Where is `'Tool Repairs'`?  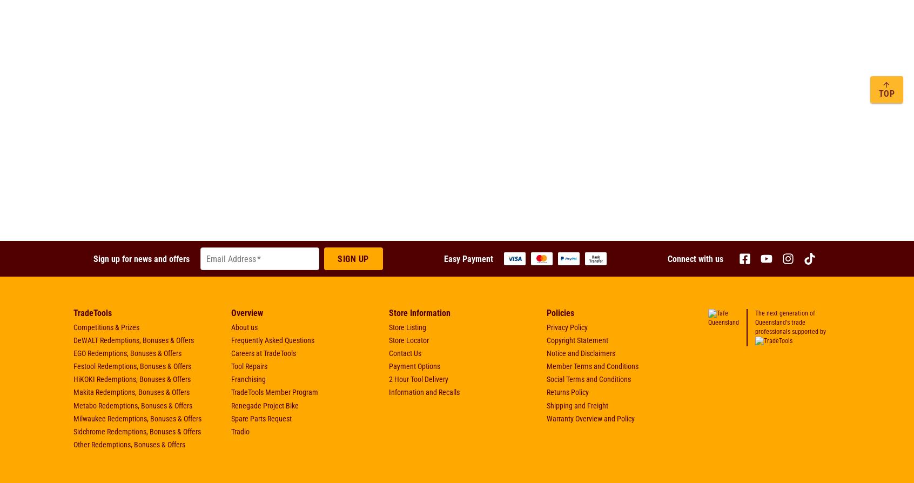
'Tool Repairs' is located at coordinates (248, 366).